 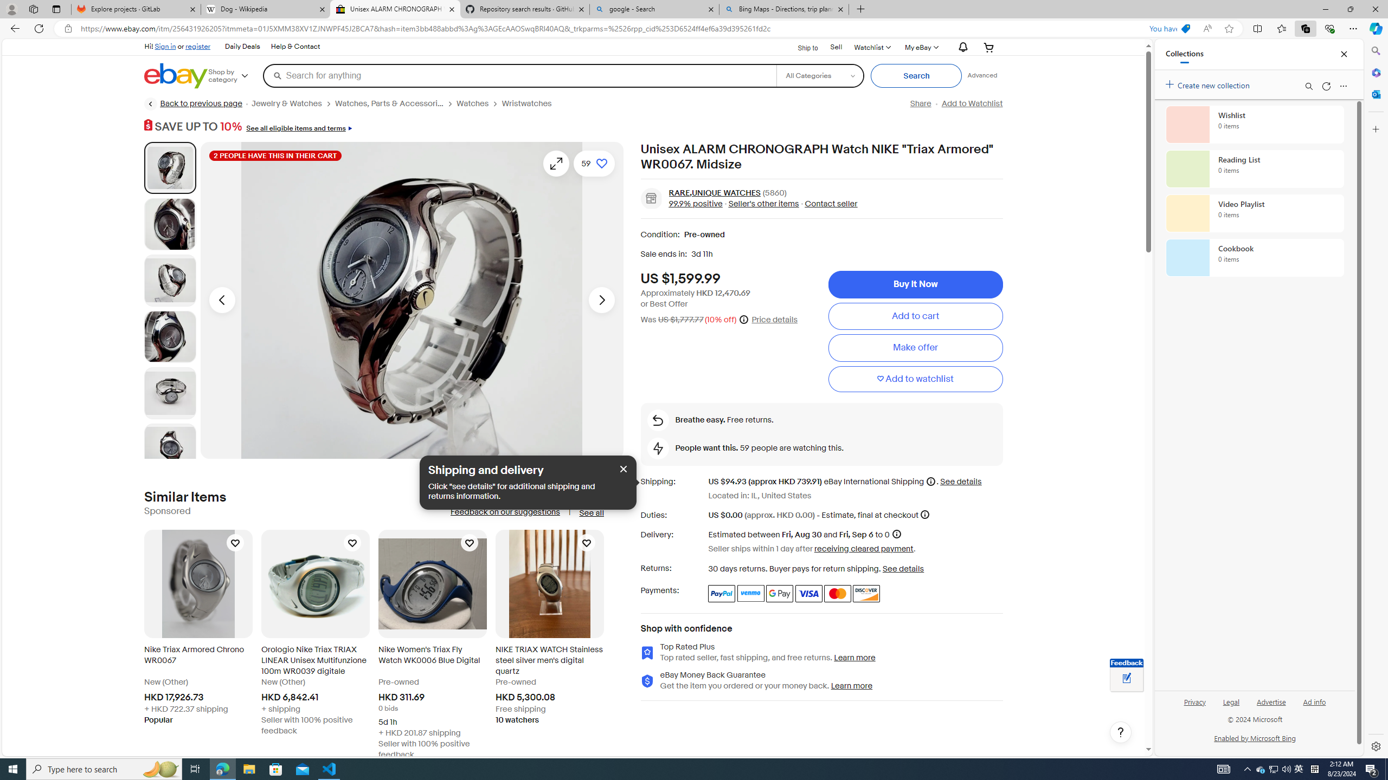 I want to click on 'Contact seller', so click(x=831, y=203).